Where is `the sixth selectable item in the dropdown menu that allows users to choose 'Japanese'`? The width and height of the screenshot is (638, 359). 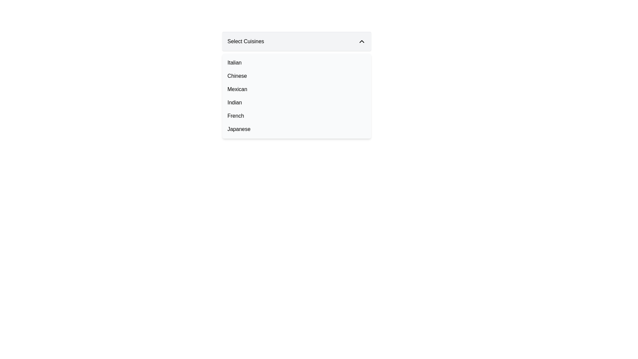
the sixth selectable item in the dropdown menu that allows users to choose 'Japanese' is located at coordinates (296, 129).